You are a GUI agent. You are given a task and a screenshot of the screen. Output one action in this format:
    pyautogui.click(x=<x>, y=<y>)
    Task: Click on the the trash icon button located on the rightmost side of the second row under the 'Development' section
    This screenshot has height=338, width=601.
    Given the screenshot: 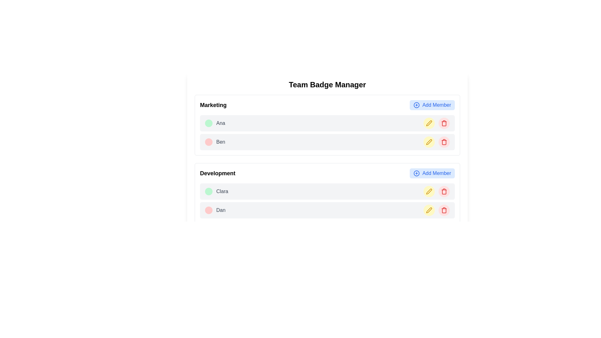 What is the action you would take?
    pyautogui.click(x=444, y=191)
    